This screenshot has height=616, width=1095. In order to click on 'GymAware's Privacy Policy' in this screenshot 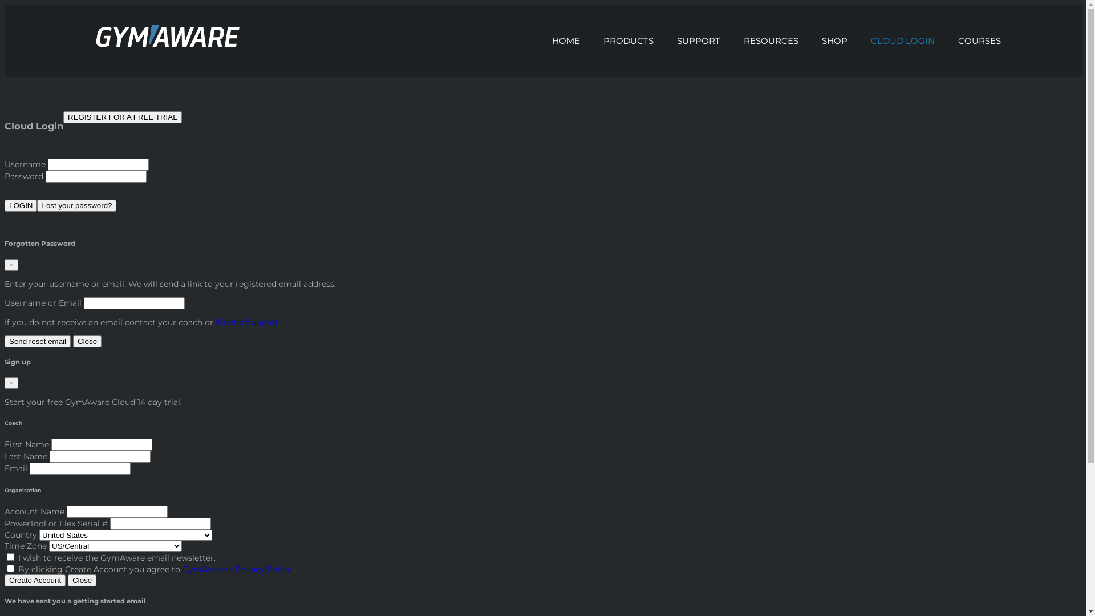, I will do `click(237, 569)`.